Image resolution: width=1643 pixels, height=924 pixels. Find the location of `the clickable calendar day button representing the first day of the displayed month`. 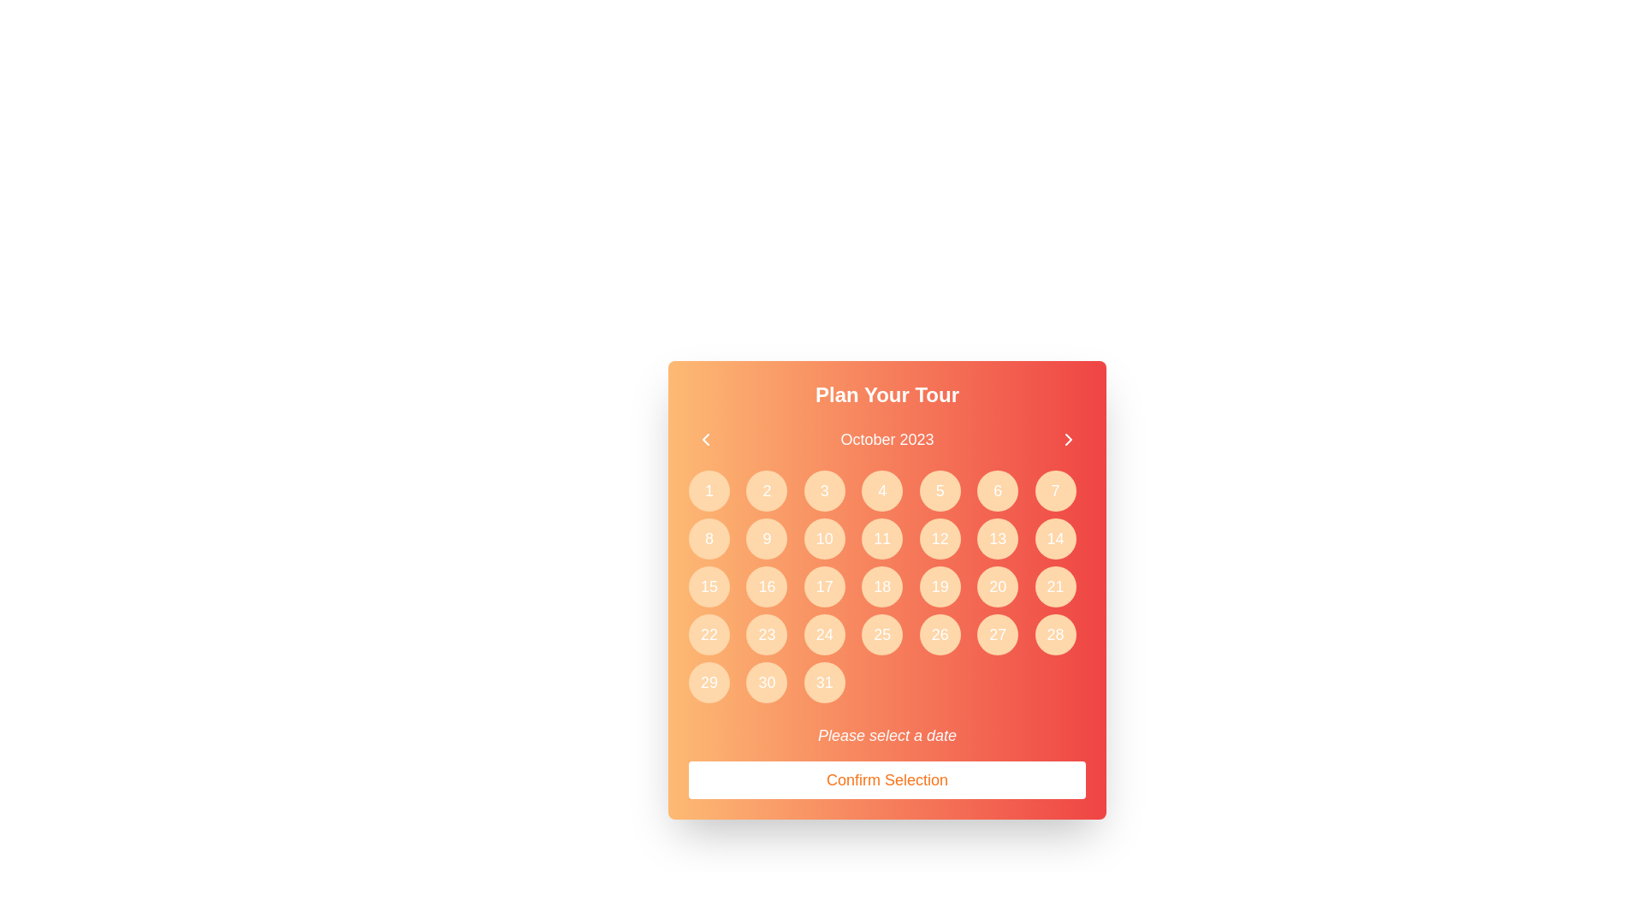

the clickable calendar day button representing the first day of the displayed month is located at coordinates (709, 491).